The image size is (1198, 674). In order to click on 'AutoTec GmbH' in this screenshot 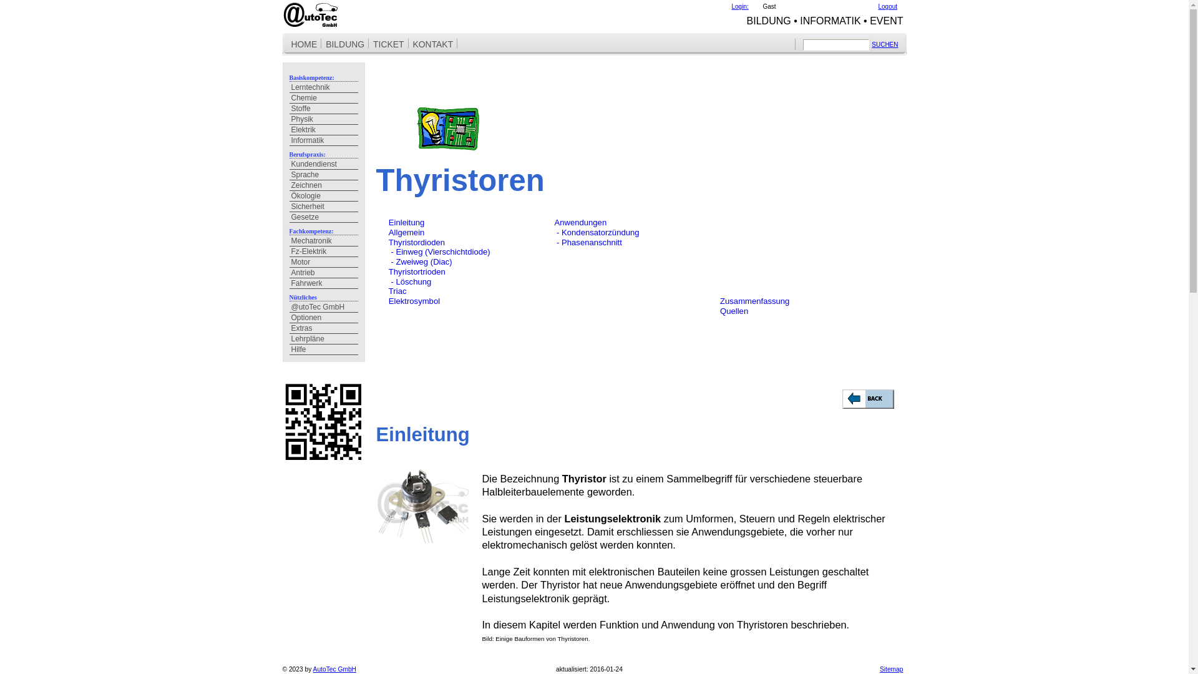, I will do `click(334, 668)`.